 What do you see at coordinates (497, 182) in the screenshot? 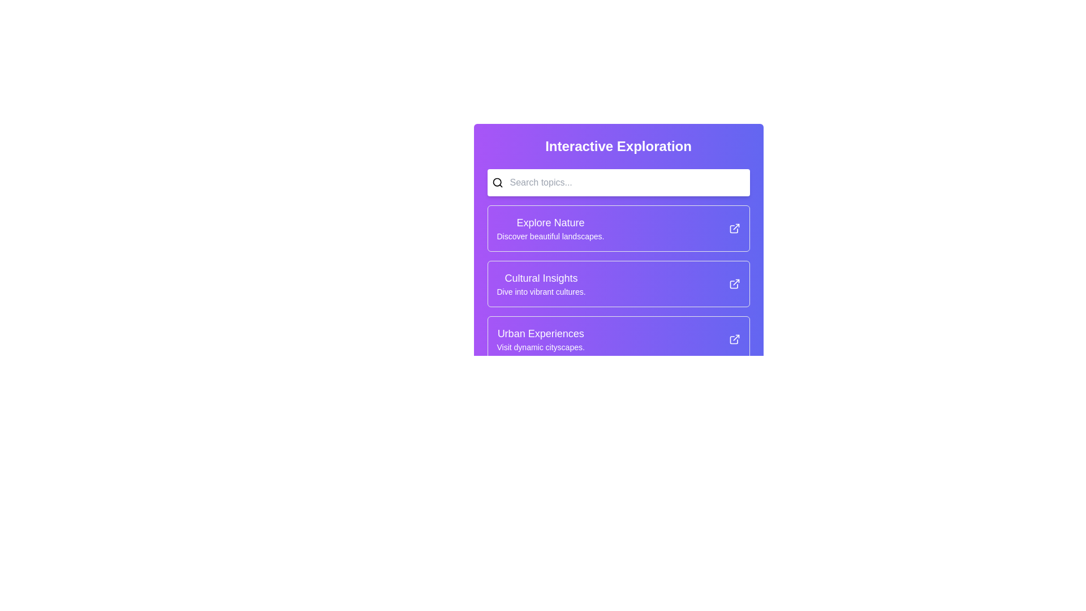
I see `the magnifying glass icon styled as an SVG element located at the top left of the search bar component, which is outlined with a circular shape and a handle extending from the bottom right` at bounding box center [497, 182].